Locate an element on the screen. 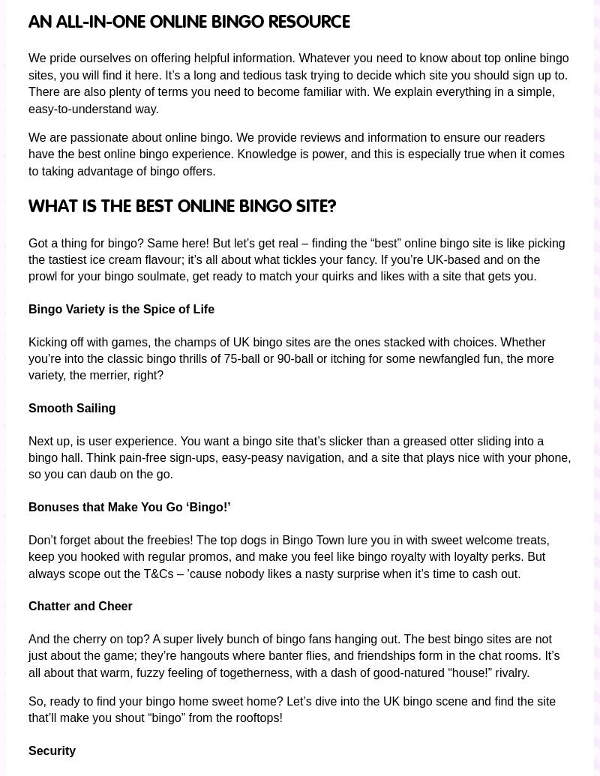  'An all-in-one Online Bingo Resource' is located at coordinates (188, 22).